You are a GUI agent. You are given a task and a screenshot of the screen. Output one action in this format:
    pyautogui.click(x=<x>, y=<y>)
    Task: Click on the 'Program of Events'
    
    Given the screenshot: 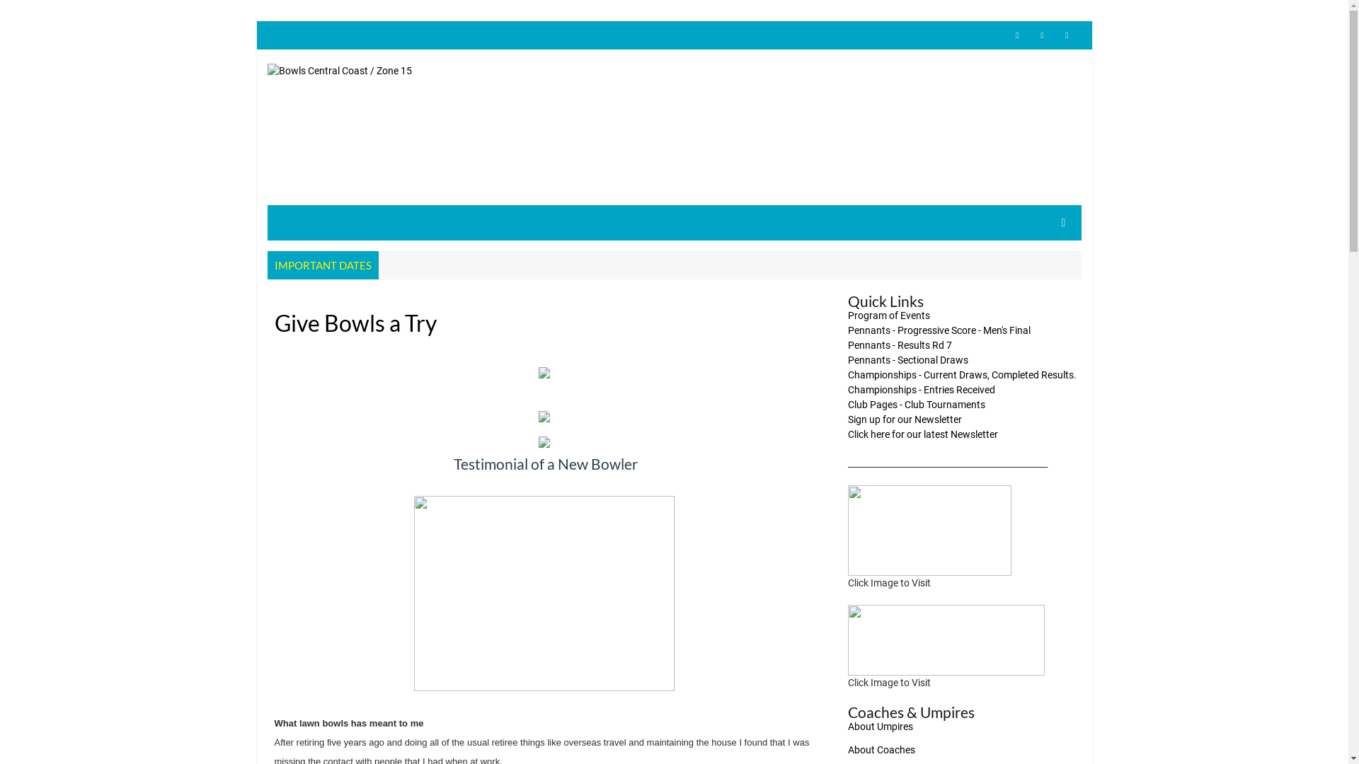 What is the action you would take?
    pyautogui.click(x=888, y=315)
    